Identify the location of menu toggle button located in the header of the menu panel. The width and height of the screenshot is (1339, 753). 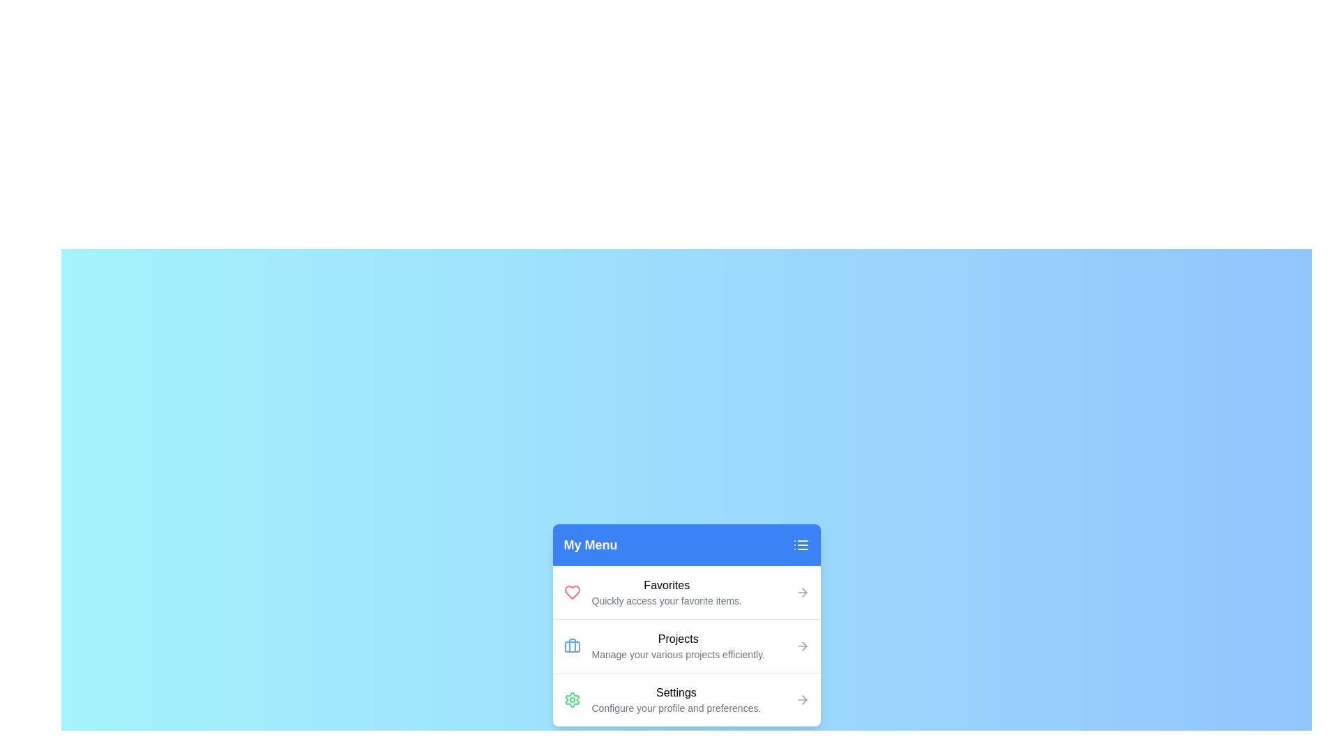
(801, 545).